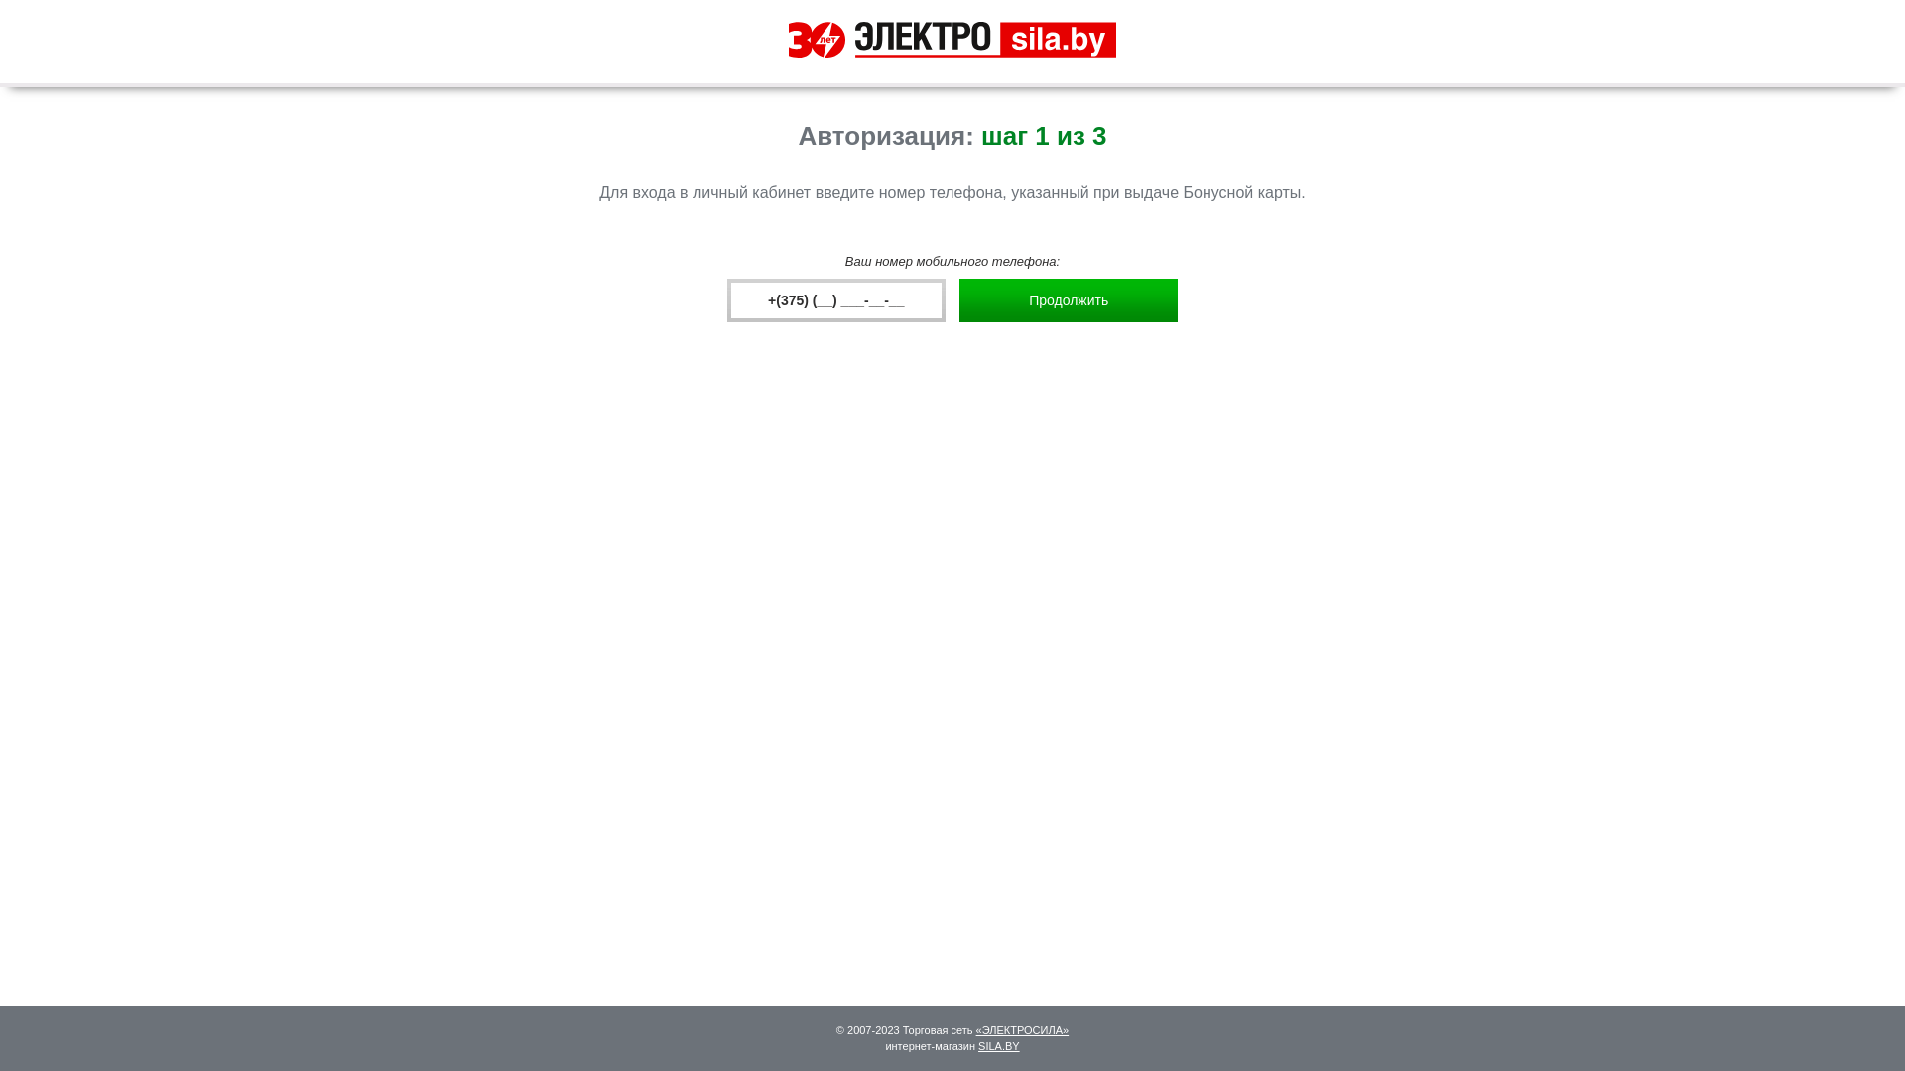  Describe the element at coordinates (999, 1045) in the screenshot. I see `'SILA.BY'` at that location.